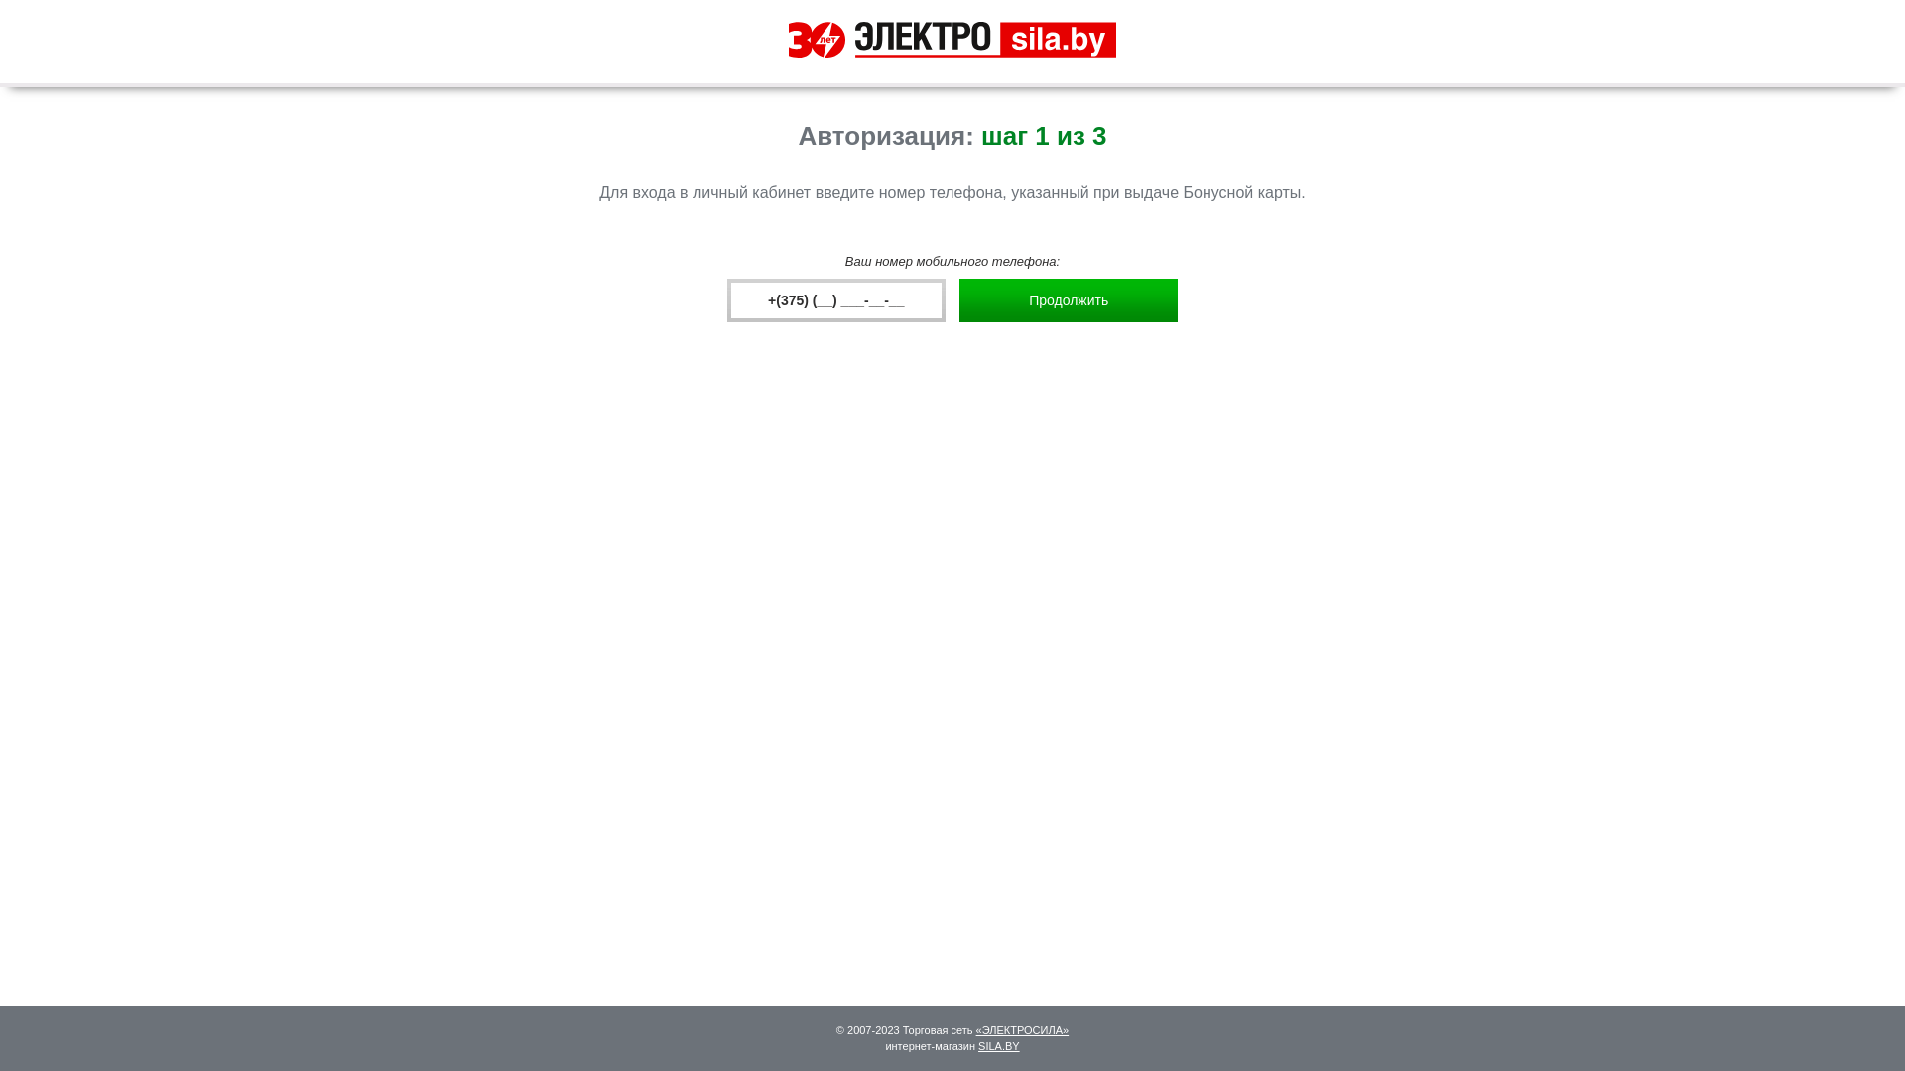  Describe the element at coordinates (999, 1045) in the screenshot. I see `'SILA.BY'` at that location.